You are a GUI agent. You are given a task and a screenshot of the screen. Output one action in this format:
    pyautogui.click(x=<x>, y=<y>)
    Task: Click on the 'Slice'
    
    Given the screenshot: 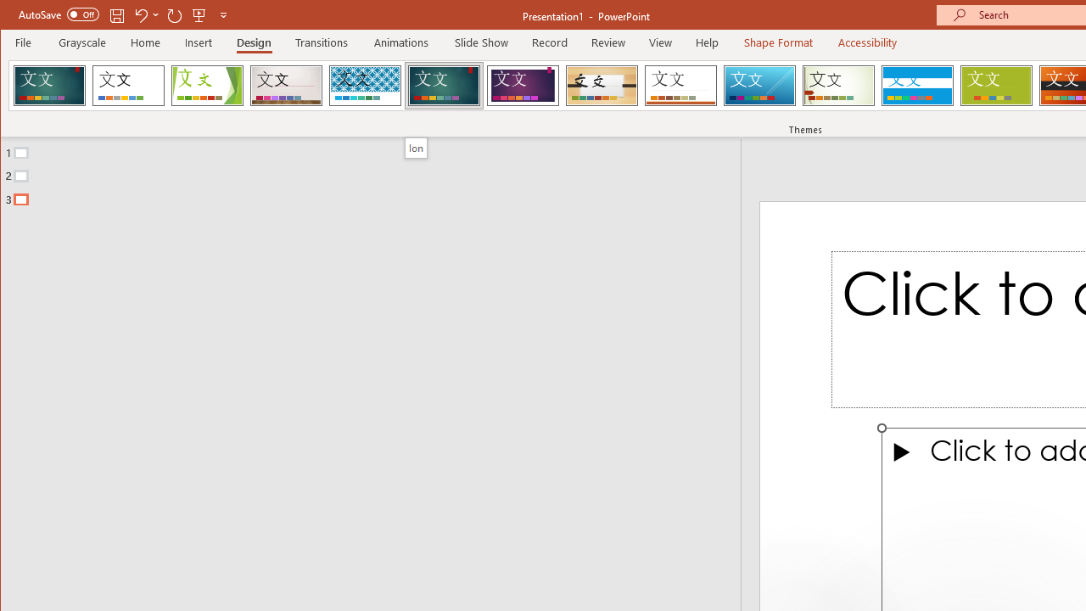 What is the action you would take?
    pyautogui.click(x=759, y=85)
    